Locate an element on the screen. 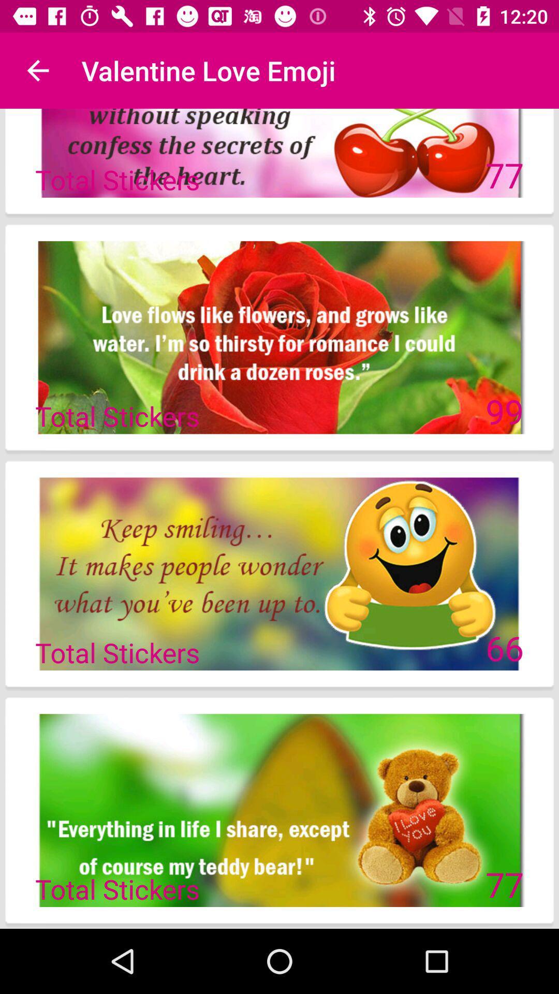  99 icon is located at coordinates (504, 411).